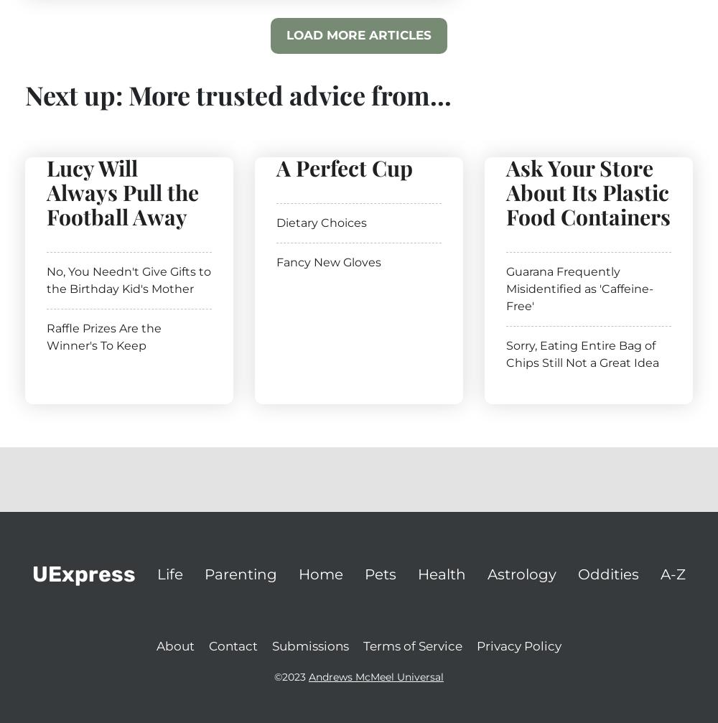  I want to click on 'The dogs in this observational study will include many different breeds in different environments: short-lived dogs, long-lived dogs, dogs in wealthy households and dogs in more modest households. The researchers will look at not just how long the dogs live, but also at how environmental factors affect them as they age.', so click(239, 558).